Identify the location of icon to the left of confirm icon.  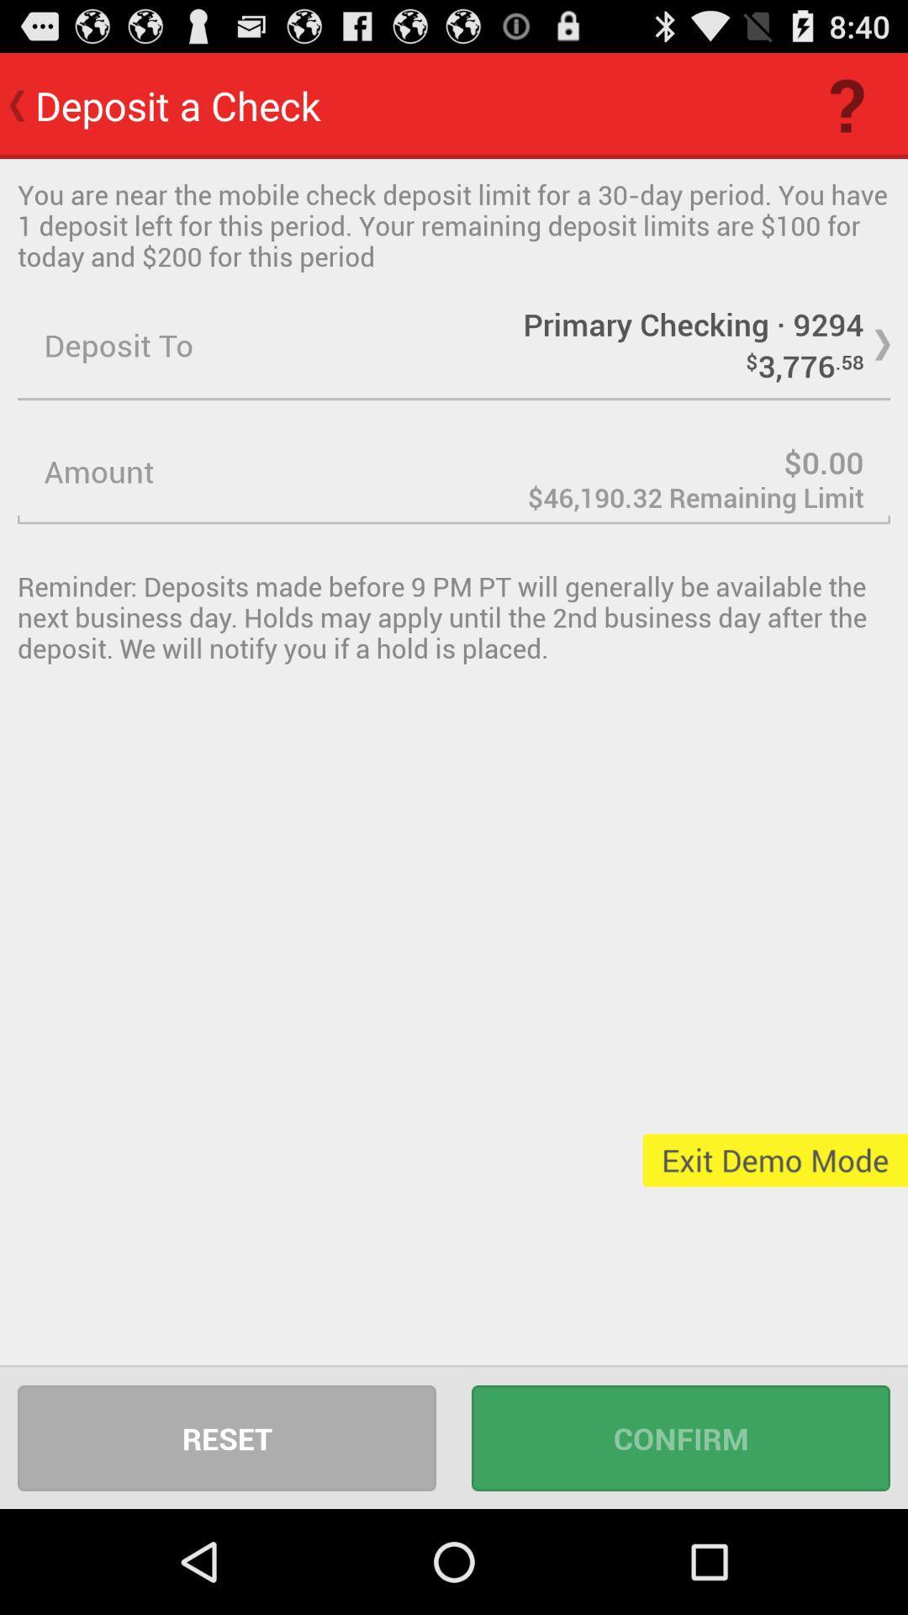
(227, 1437).